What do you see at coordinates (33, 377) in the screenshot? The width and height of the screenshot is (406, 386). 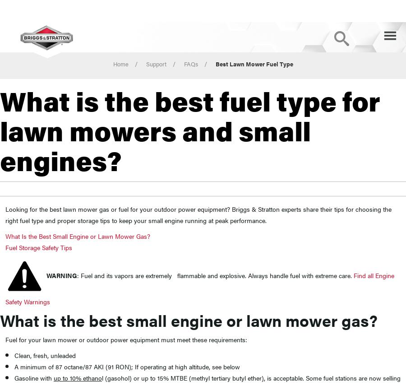 I see `'Gasoline with'` at bounding box center [33, 377].